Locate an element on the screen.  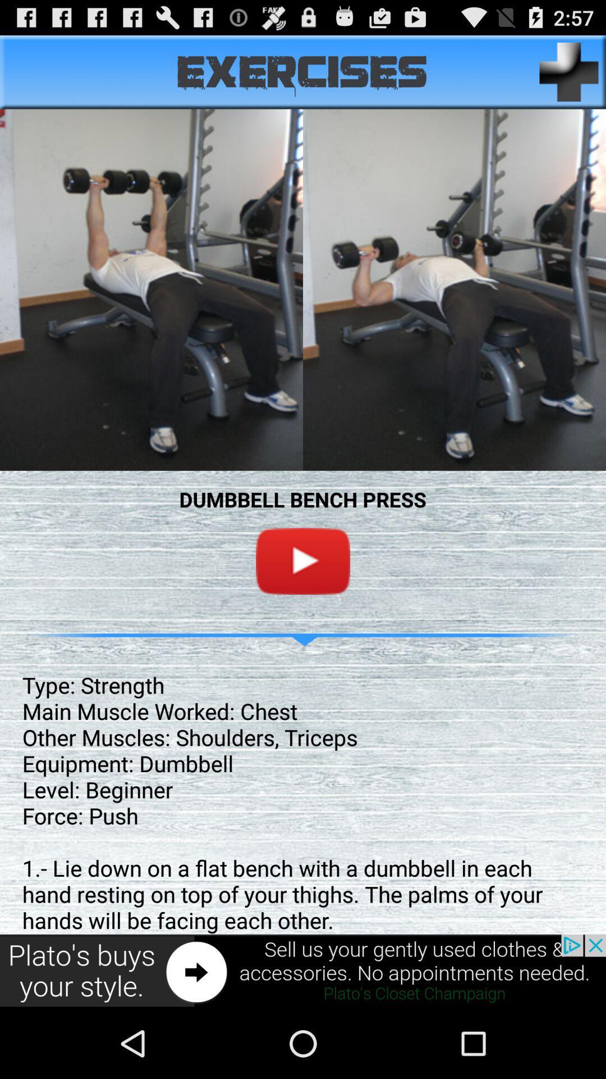
on youtube is located at coordinates (303, 561).